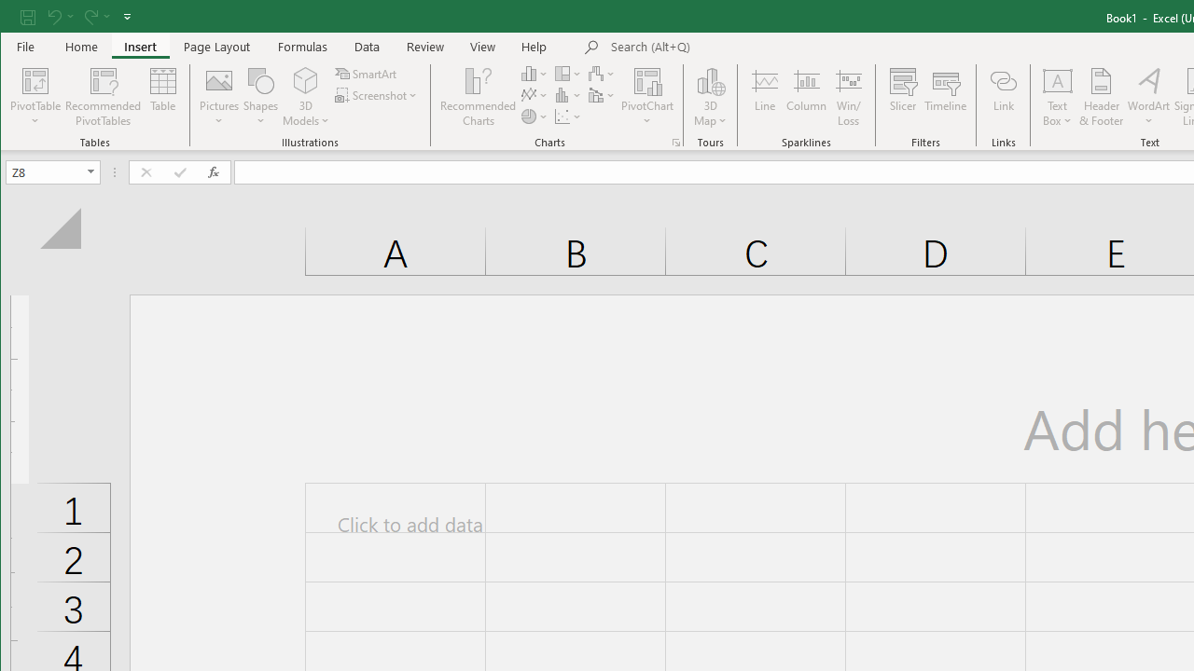 The width and height of the screenshot is (1194, 671). What do you see at coordinates (534, 73) in the screenshot?
I see `'Insert Column or Bar Chart'` at bounding box center [534, 73].